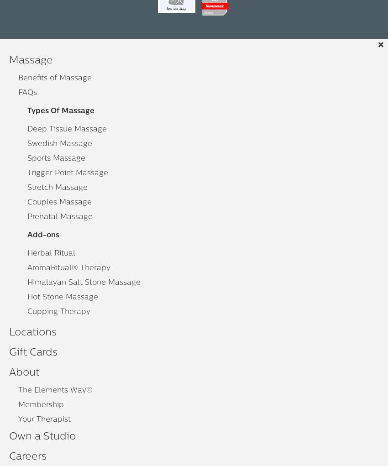 This screenshot has height=466, width=388. Describe the element at coordinates (61, 111) in the screenshot. I see `'Types Of Massage'` at that location.